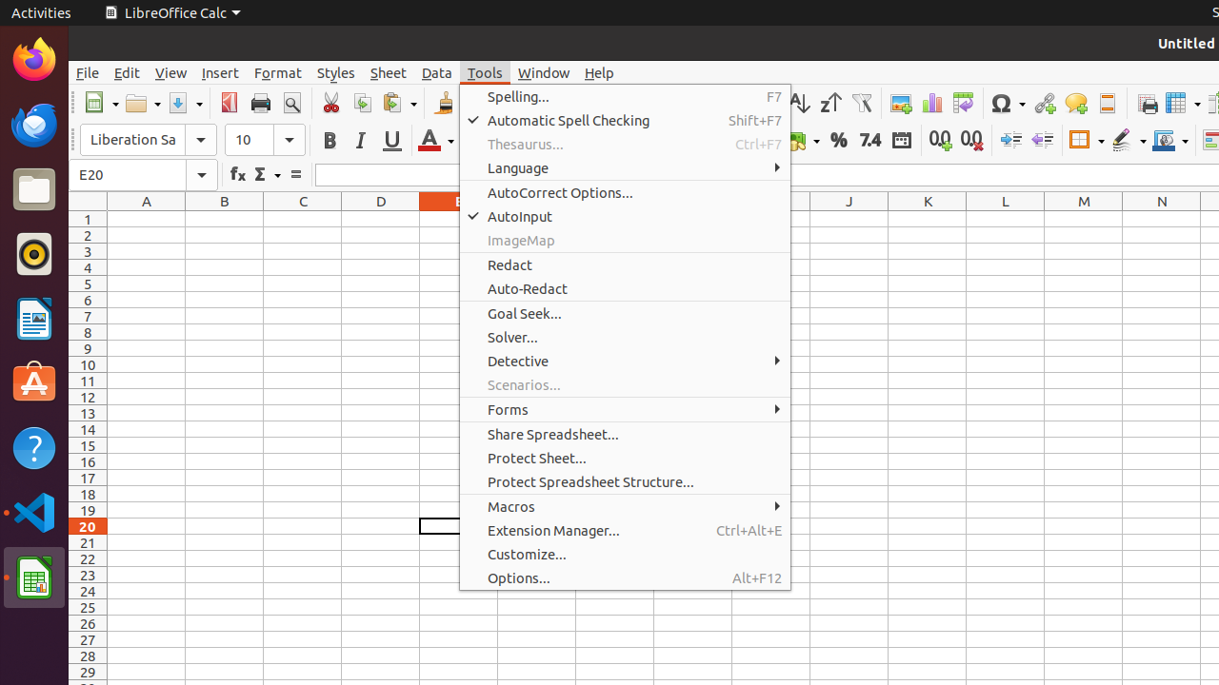  What do you see at coordinates (485, 71) in the screenshot?
I see `'Tools'` at bounding box center [485, 71].